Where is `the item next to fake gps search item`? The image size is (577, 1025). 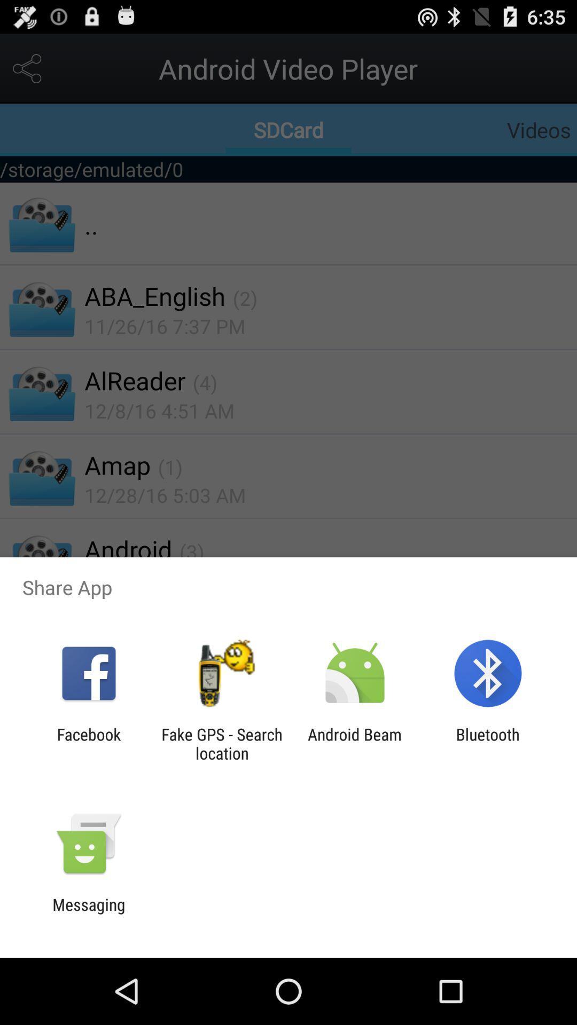 the item next to fake gps search item is located at coordinates (355, 743).